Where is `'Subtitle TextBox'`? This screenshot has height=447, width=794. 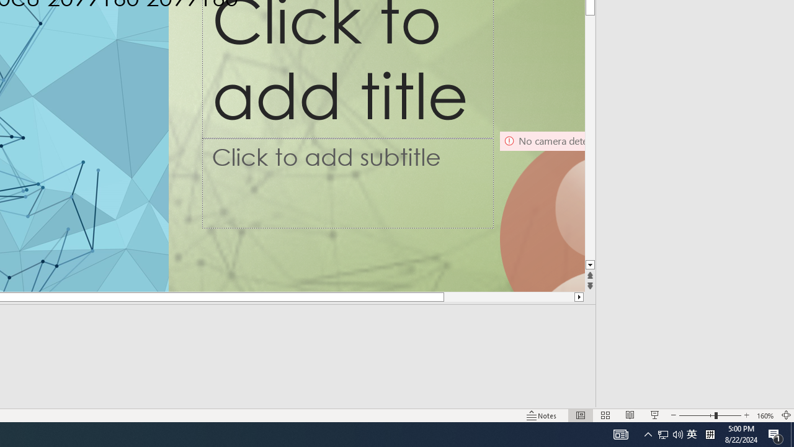
'Subtitle TextBox' is located at coordinates (347, 183).